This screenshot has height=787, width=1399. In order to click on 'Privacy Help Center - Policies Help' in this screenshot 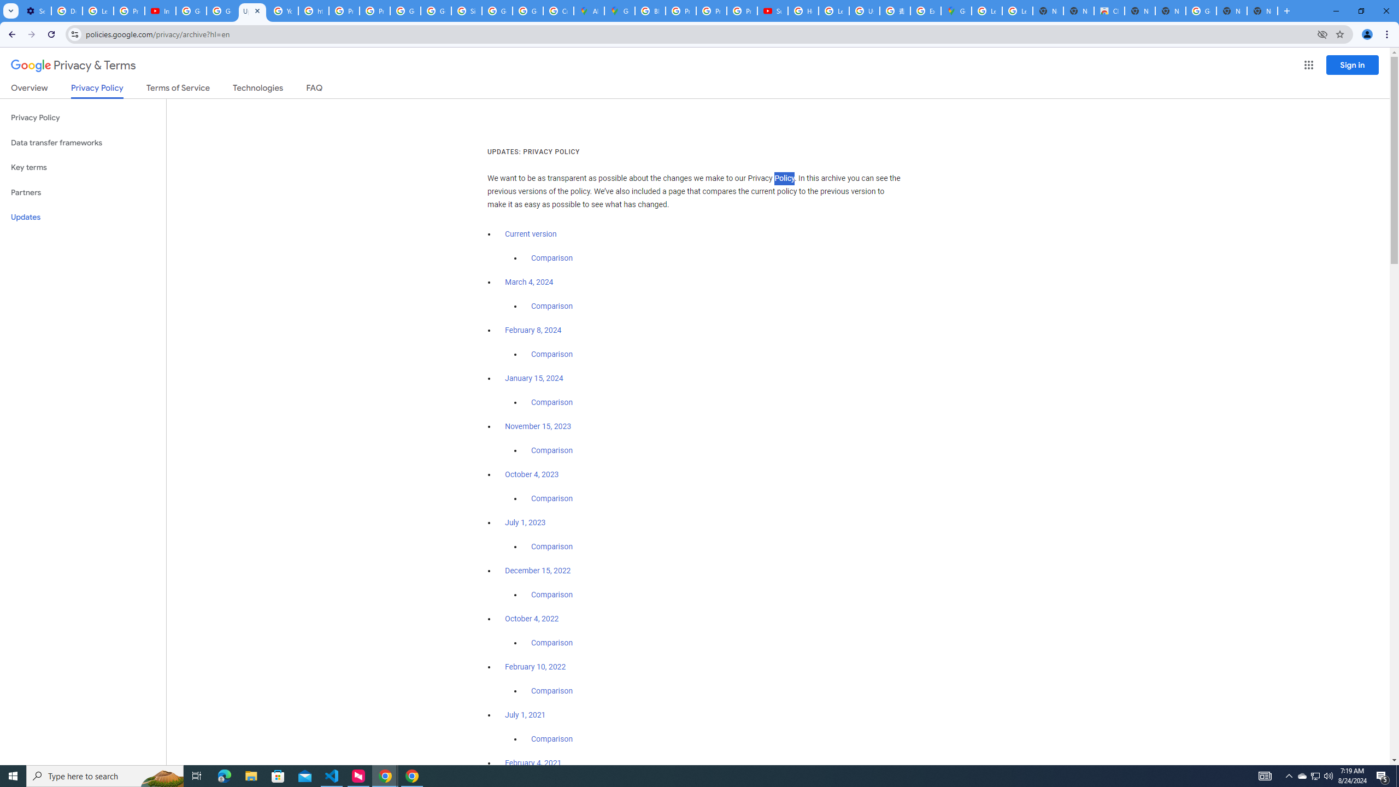, I will do `click(680, 10)`.